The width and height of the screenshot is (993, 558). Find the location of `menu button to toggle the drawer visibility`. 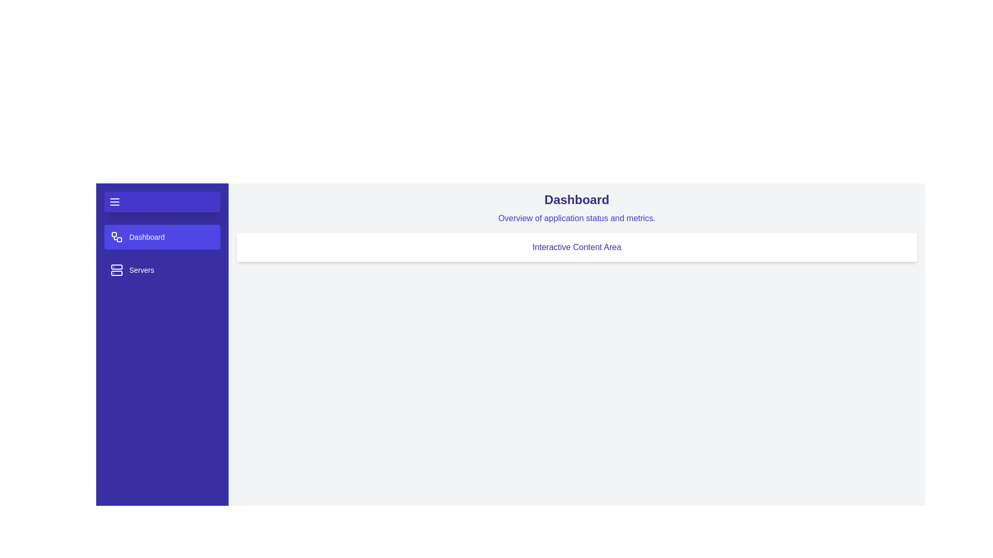

menu button to toggle the drawer visibility is located at coordinates (161, 202).